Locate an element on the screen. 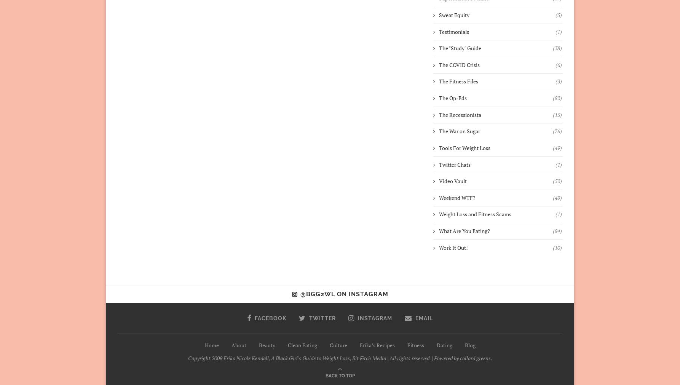  'Erika’s Recipes' is located at coordinates (377, 345).